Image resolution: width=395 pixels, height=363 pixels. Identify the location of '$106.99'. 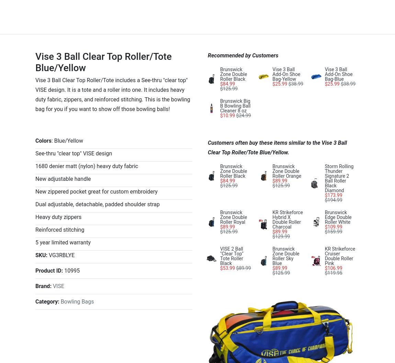
(333, 267).